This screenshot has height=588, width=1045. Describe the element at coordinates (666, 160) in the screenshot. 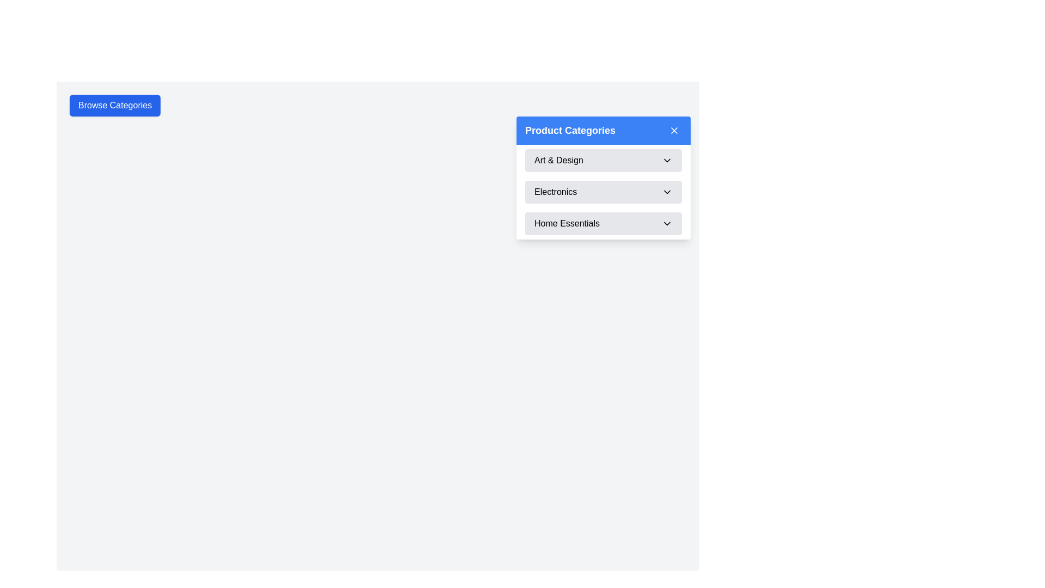

I see `the downward-pointing chevron icon` at that location.